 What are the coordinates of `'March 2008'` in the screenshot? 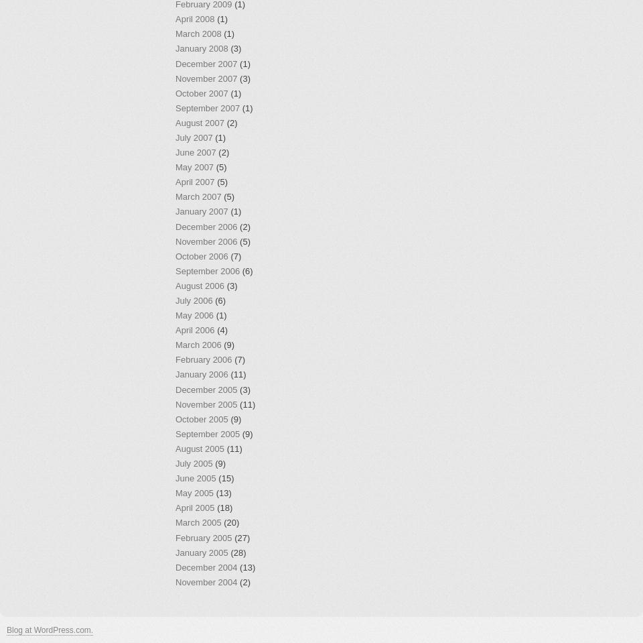 It's located at (197, 33).